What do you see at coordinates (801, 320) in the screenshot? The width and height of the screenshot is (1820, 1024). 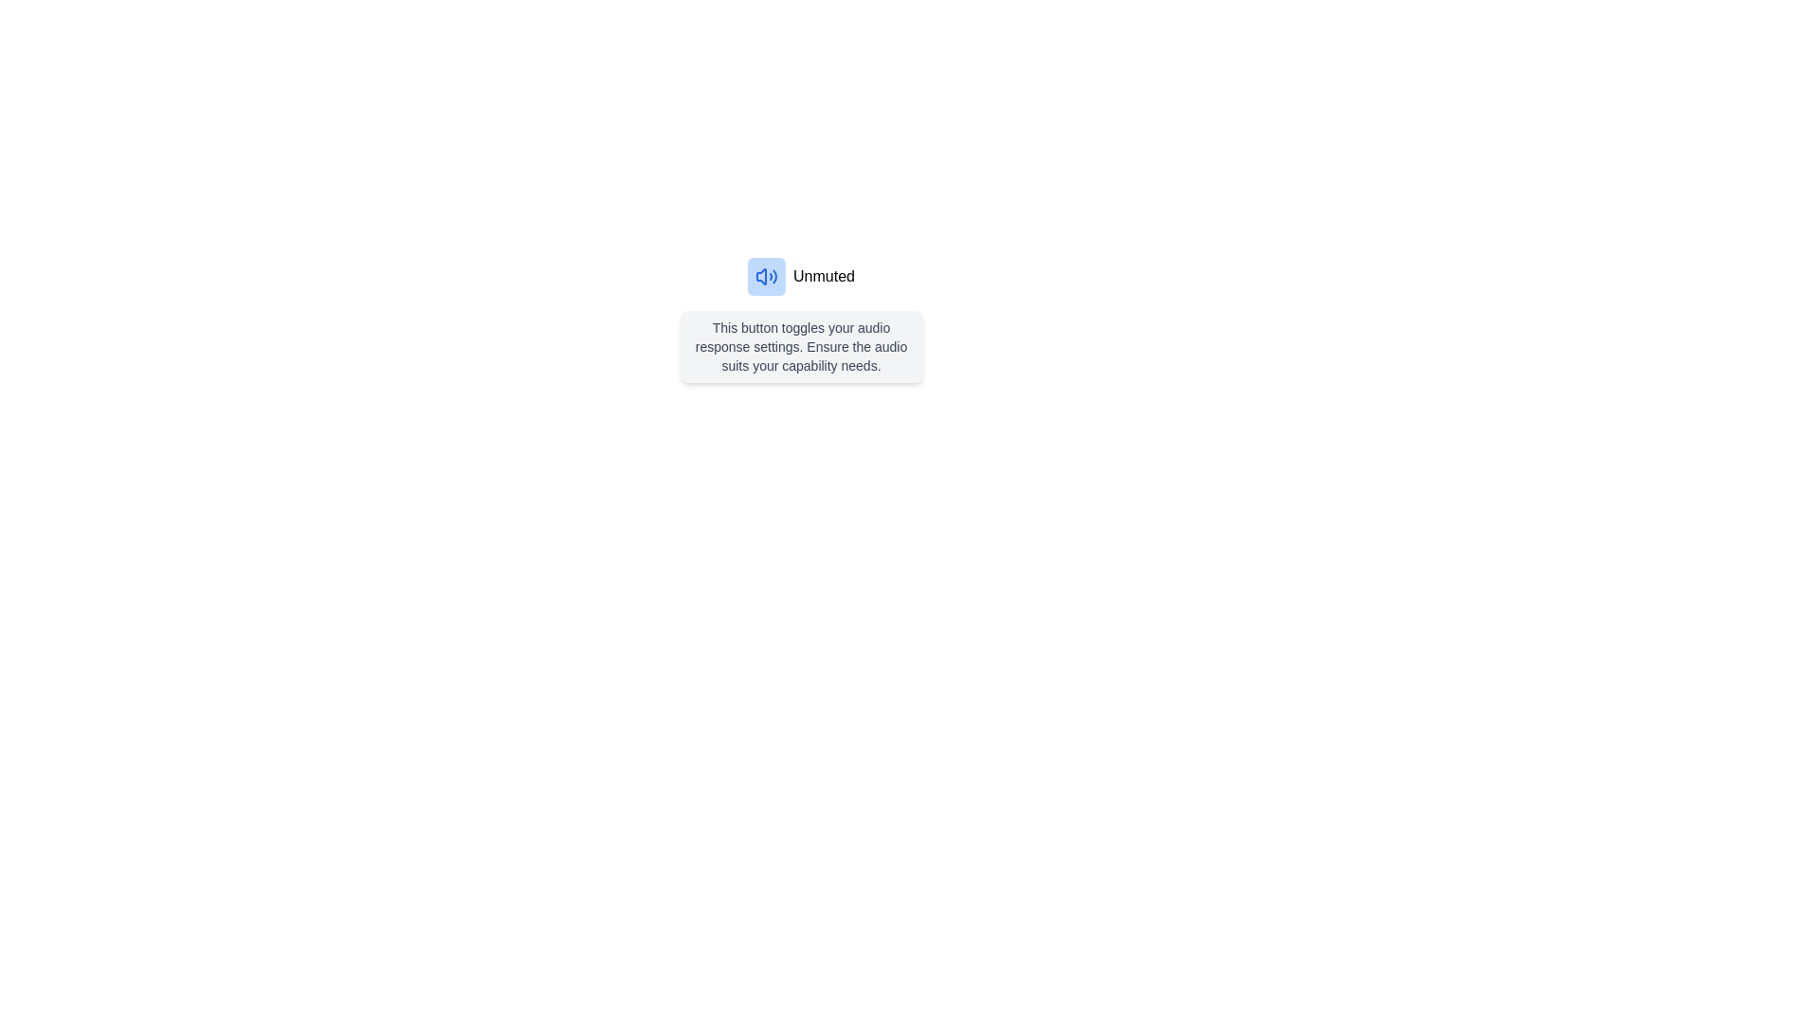 I see `the Informational panel that indicates the current state of audio settings (unmuted) and provides a description of its functionality` at bounding box center [801, 320].